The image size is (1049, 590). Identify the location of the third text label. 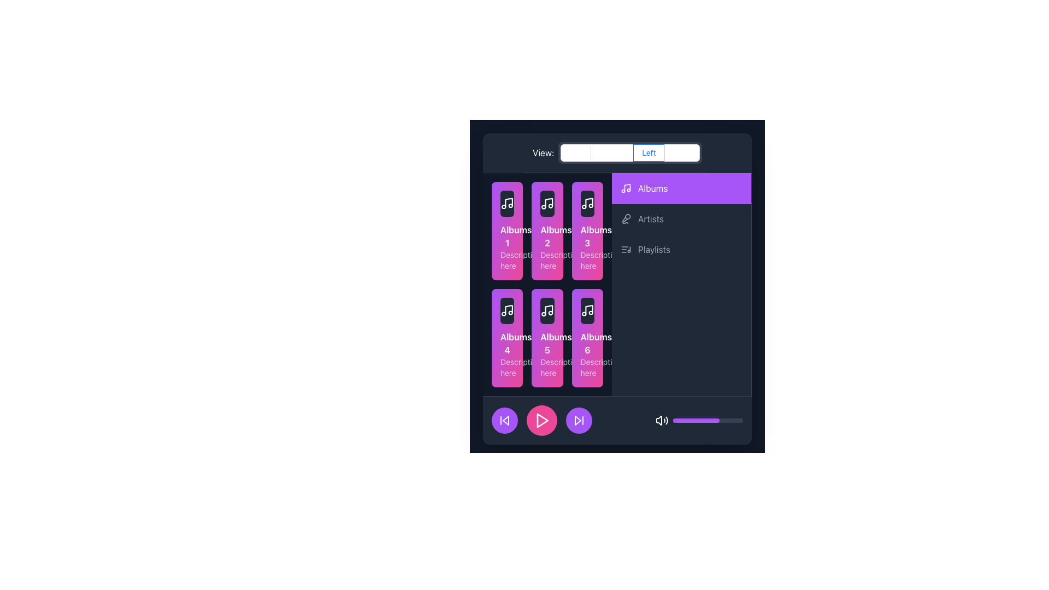
(654, 249).